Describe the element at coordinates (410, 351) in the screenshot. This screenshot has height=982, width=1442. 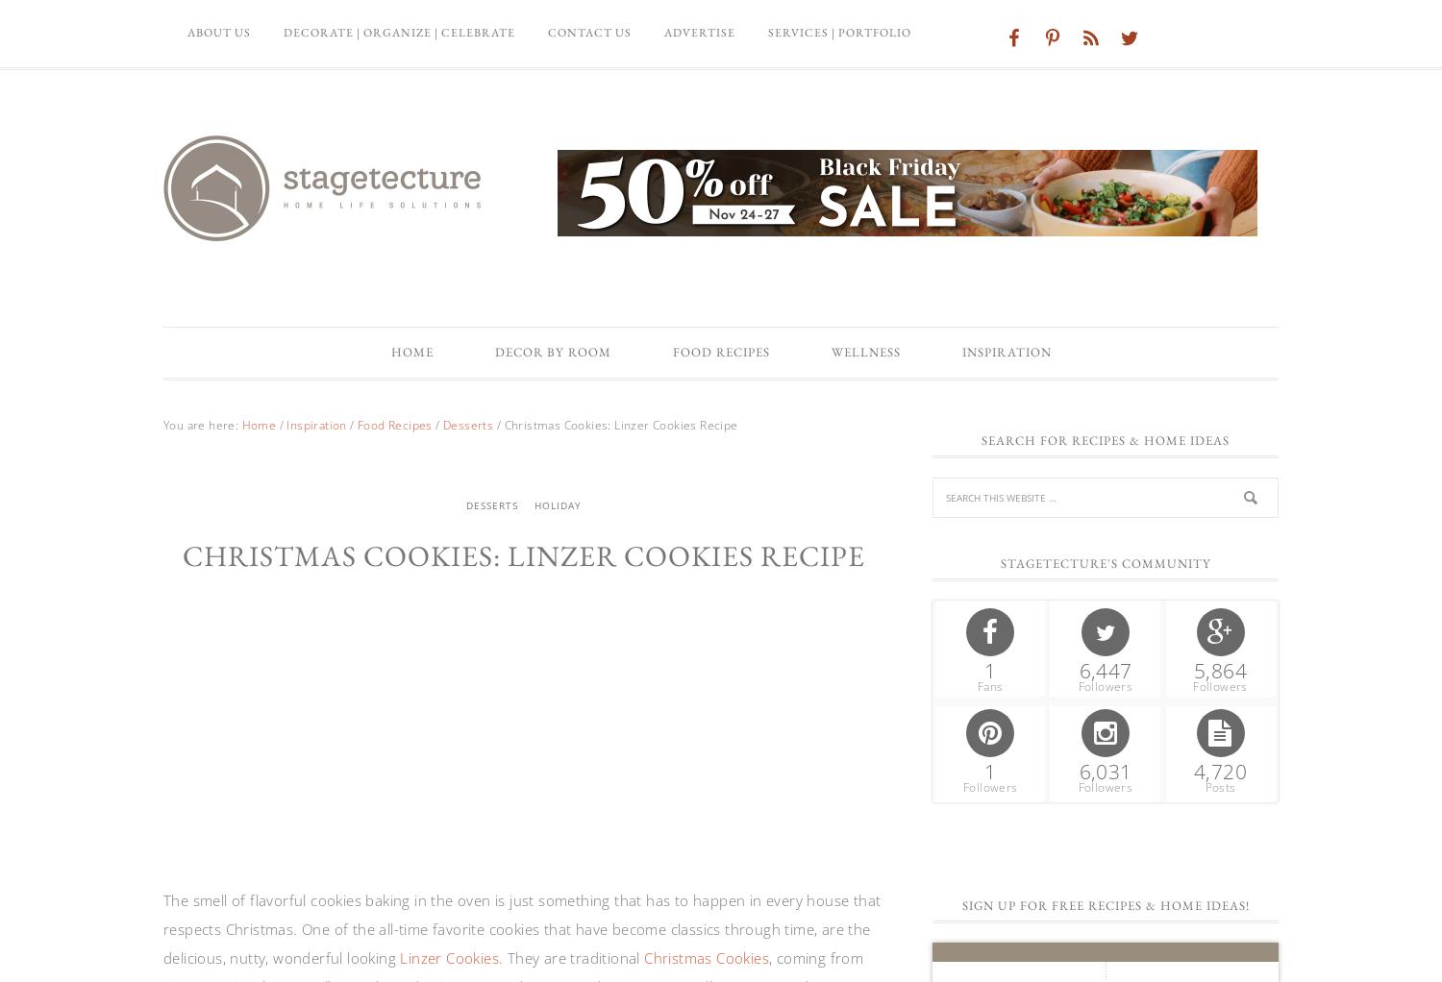
I see `'Home'` at that location.